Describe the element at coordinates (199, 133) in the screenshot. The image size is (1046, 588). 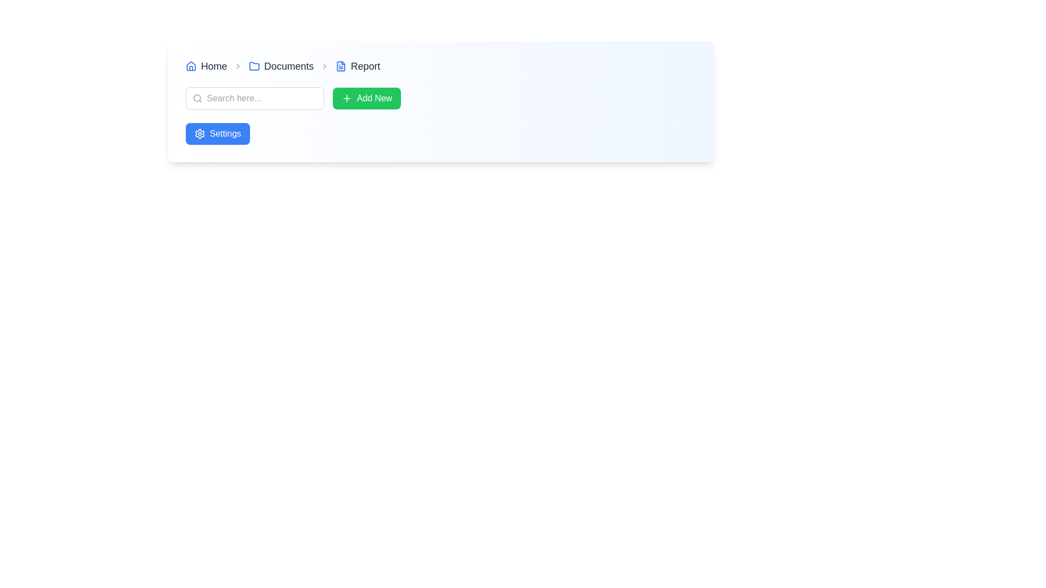
I see `the icon located in the bottom left corner of the blue 'Settings' button` at that location.